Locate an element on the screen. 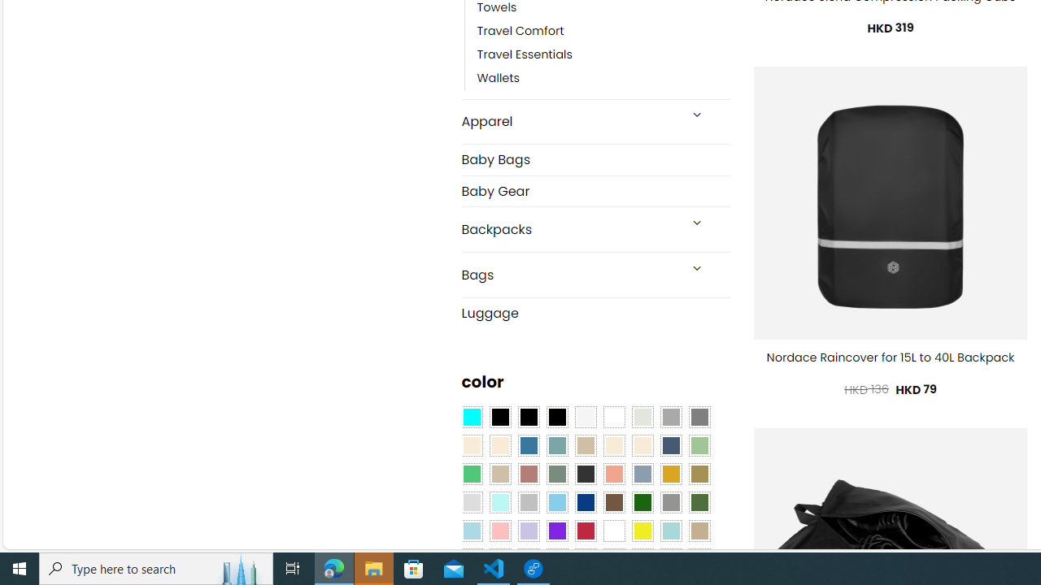 The height and width of the screenshot is (585, 1041). 'Beige' is located at coordinates (470, 446).